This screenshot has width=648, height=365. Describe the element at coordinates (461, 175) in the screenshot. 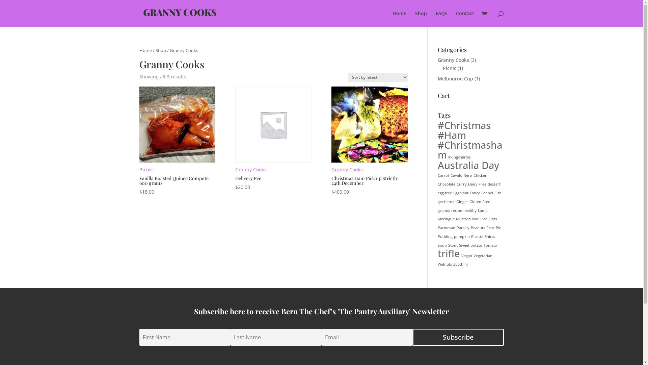

I see `'Cavalo Nero'` at that location.